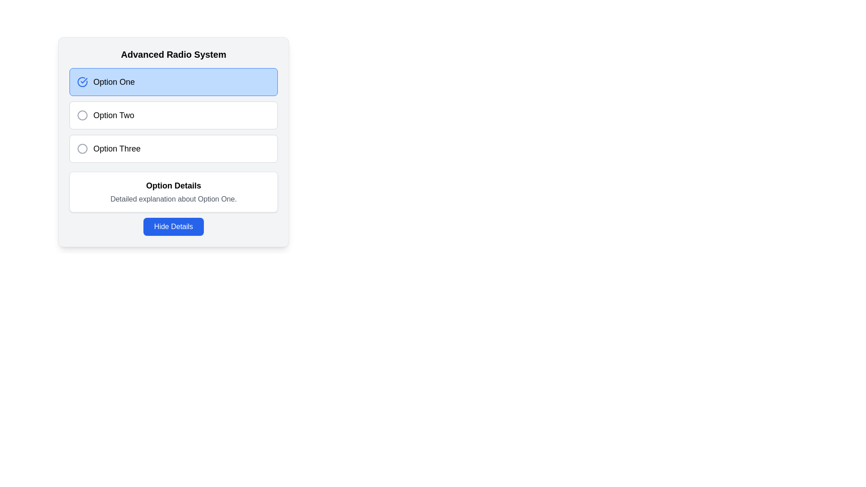 This screenshot has width=866, height=487. What do you see at coordinates (173, 115) in the screenshot?
I see `the 'Option Two' radio button` at bounding box center [173, 115].